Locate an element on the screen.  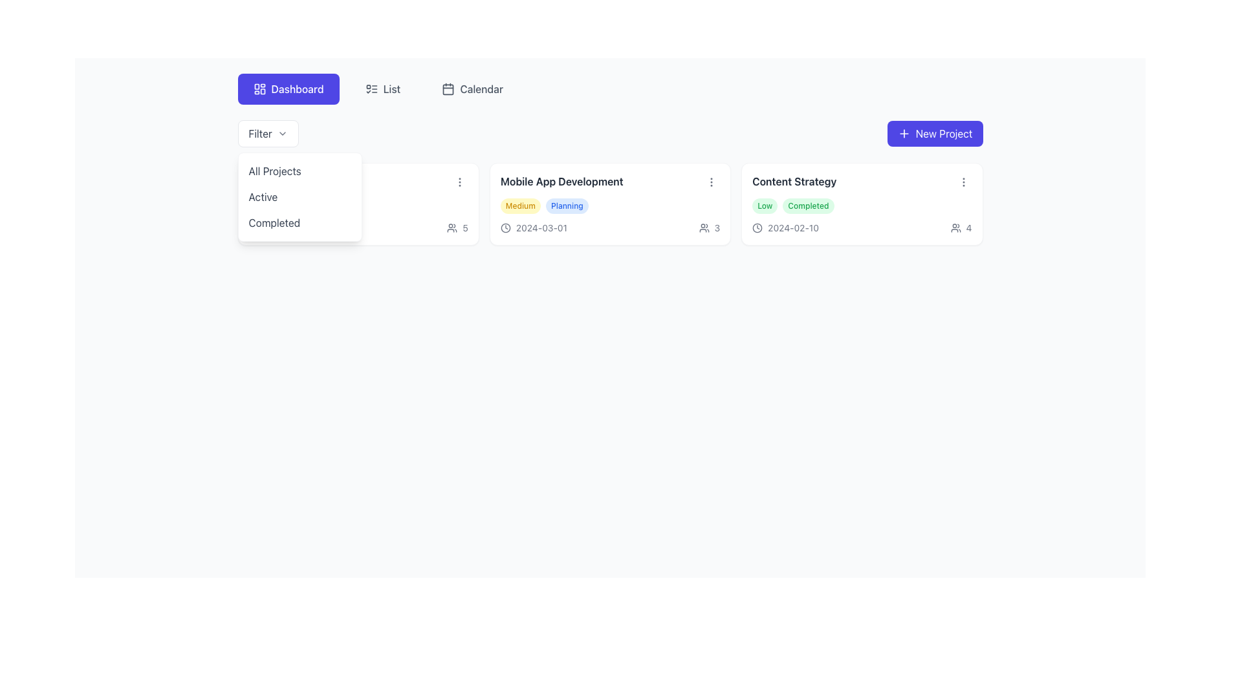
the 'Active' filter button in the project management interface is located at coordinates (299, 196).